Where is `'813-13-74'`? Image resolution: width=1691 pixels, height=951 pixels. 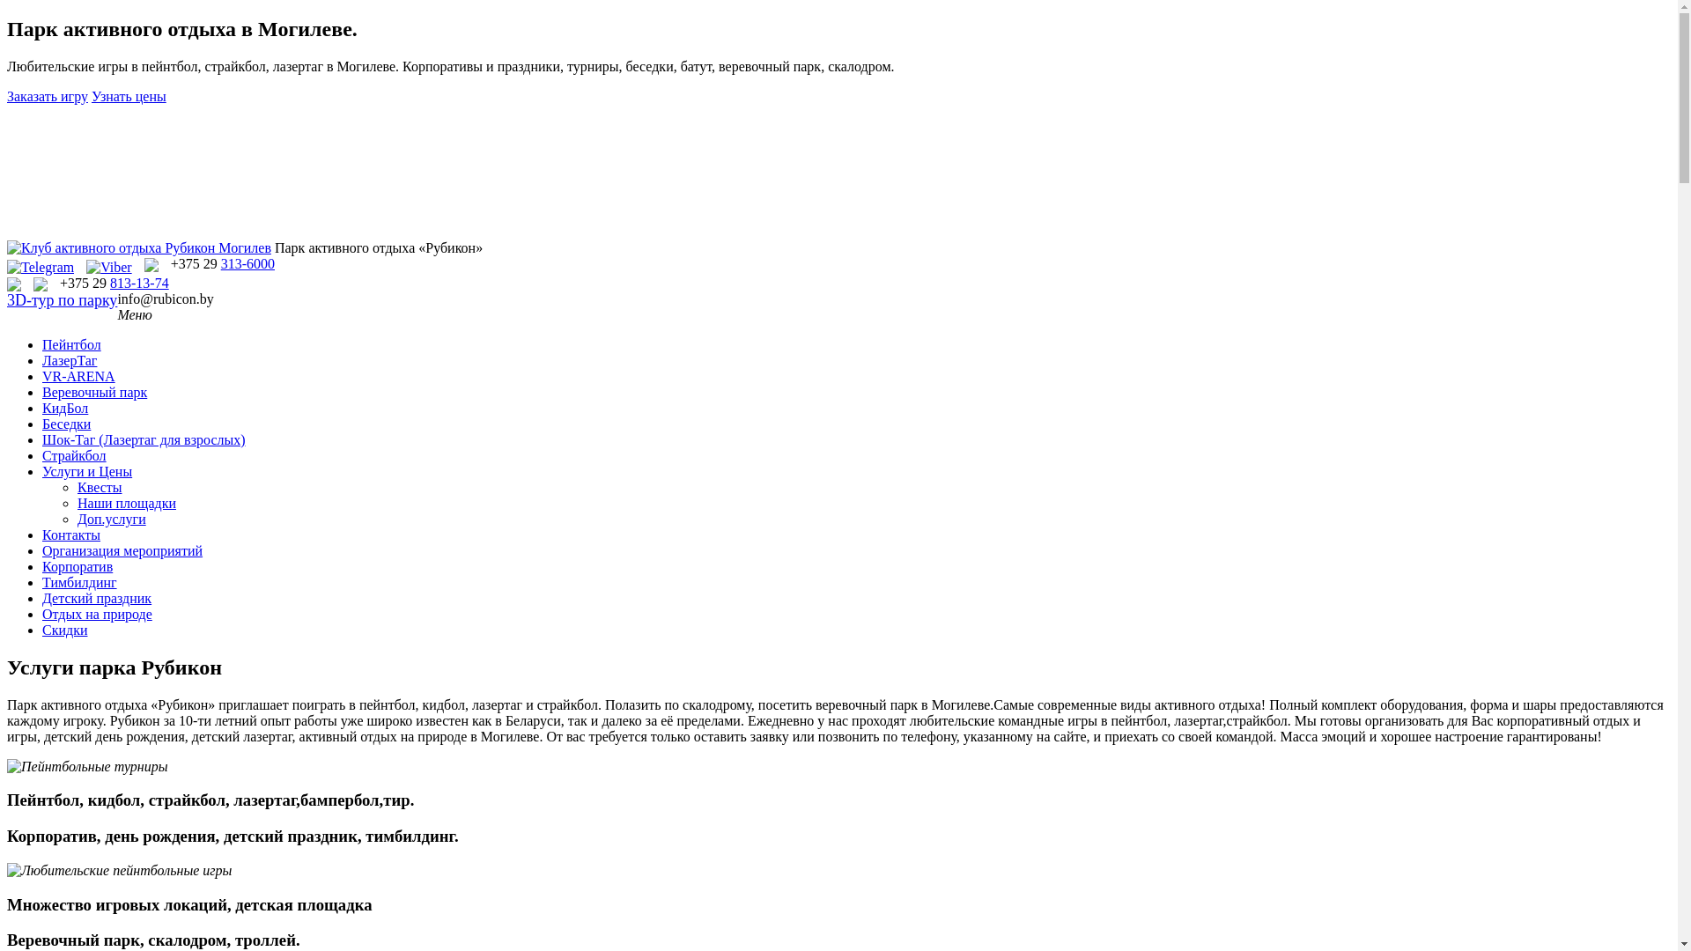 '813-13-74' is located at coordinates (138, 282).